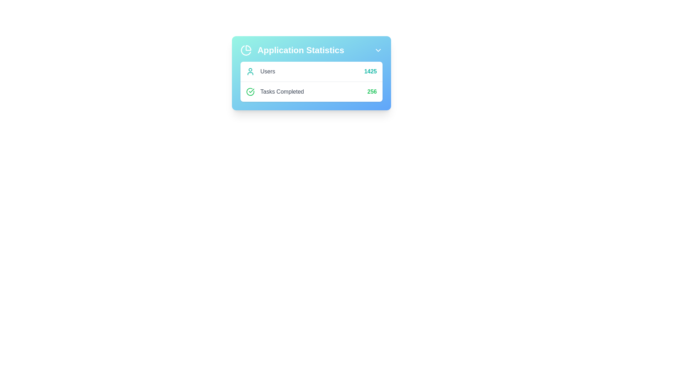  Describe the element at coordinates (251, 90) in the screenshot. I see `the completion status represented by the circular icon located next to the 'Tasks Completed' label in the 'Application Statistics' card` at that location.